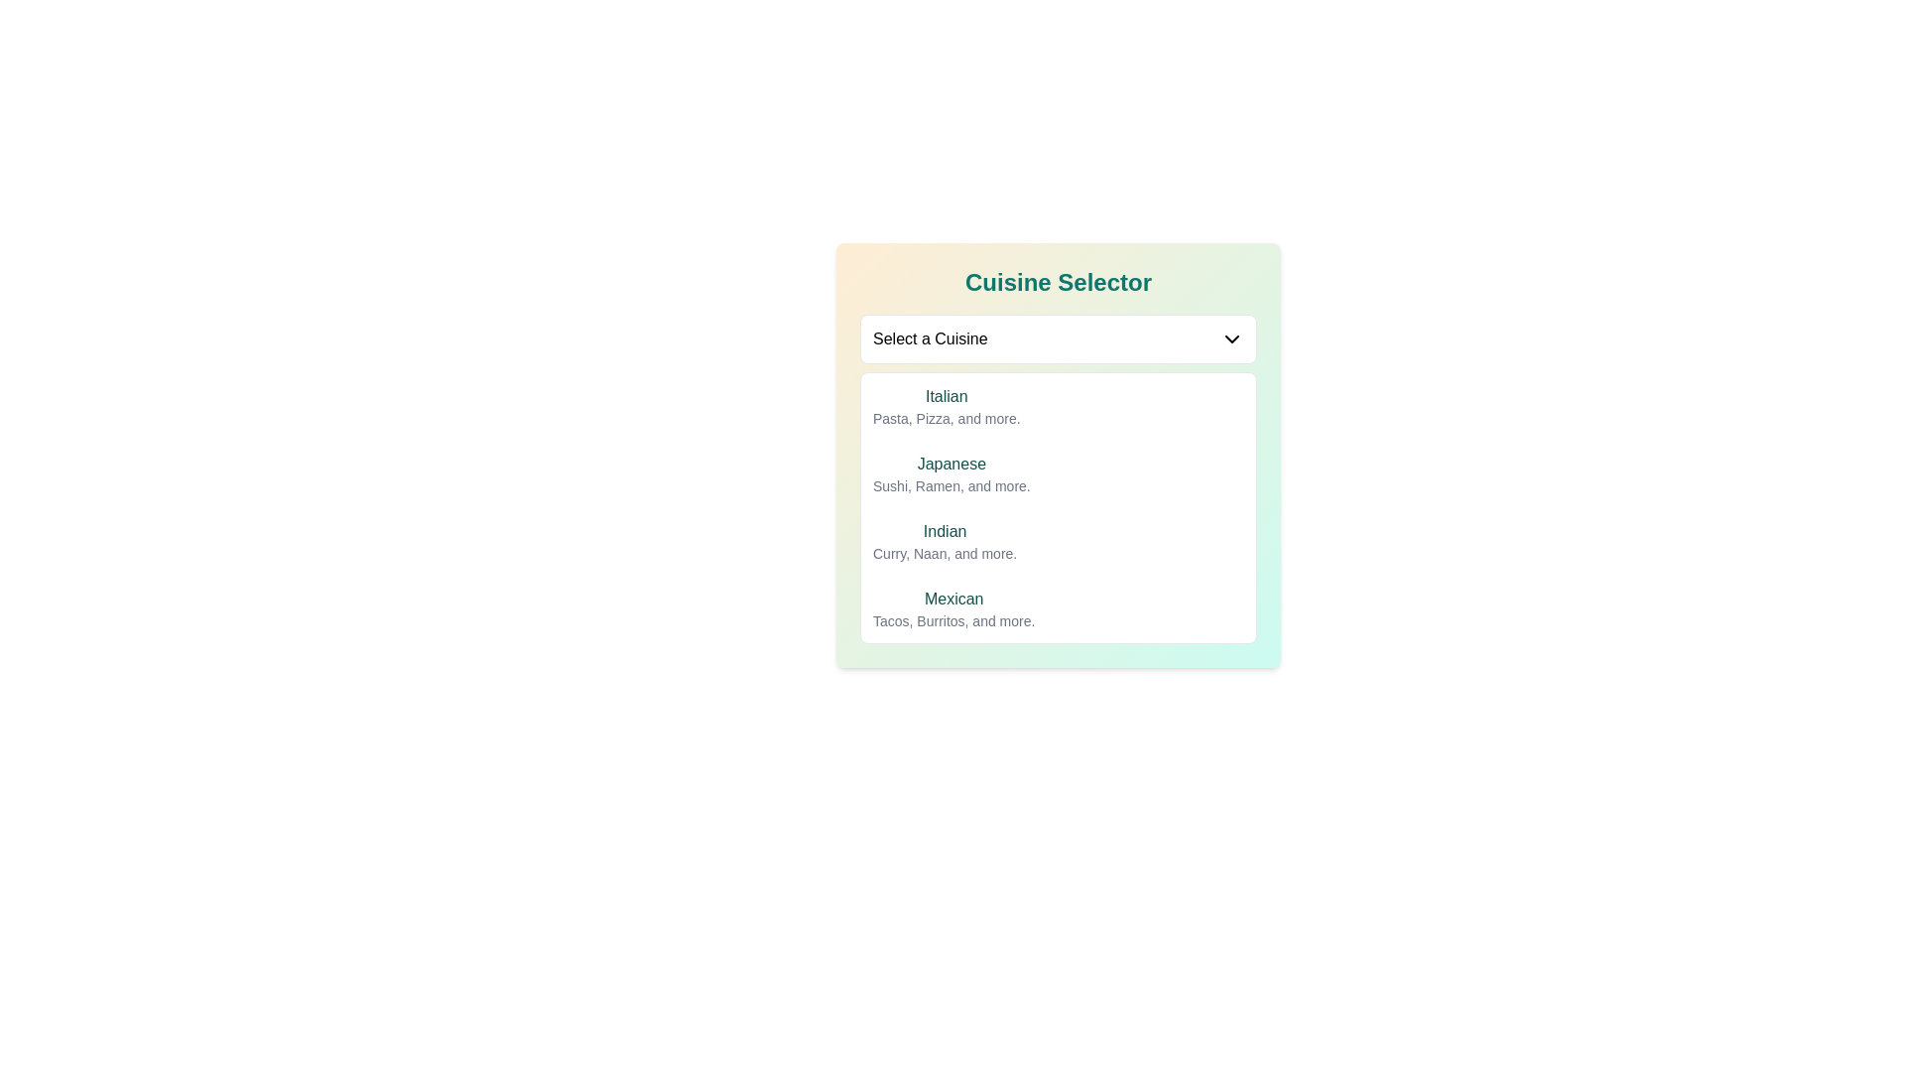 This screenshot has width=1905, height=1072. I want to click on the second entry in the Cuisine Selector dropdown list, which displays 'Japanese' in bold teal-green and 'Sushi, Ramen, and more.' in gray, so click(1057, 474).